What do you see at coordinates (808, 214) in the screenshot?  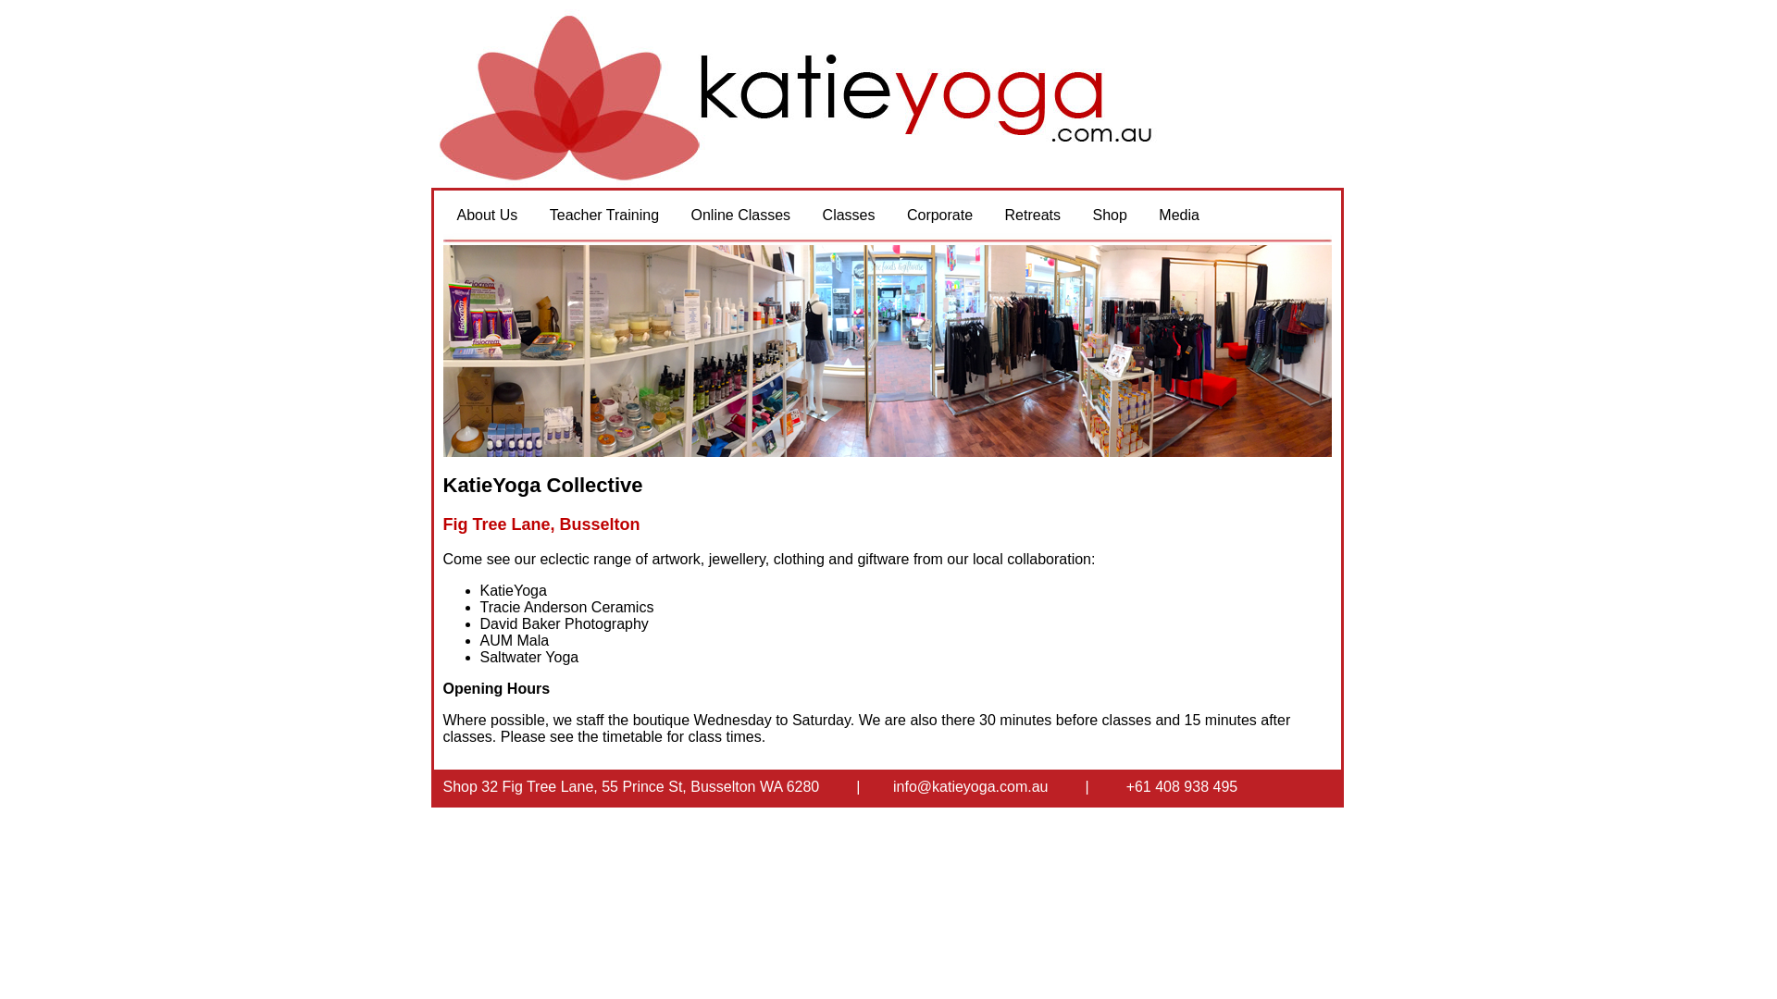 I see `'Classes'` at bounding box center [808, 214].